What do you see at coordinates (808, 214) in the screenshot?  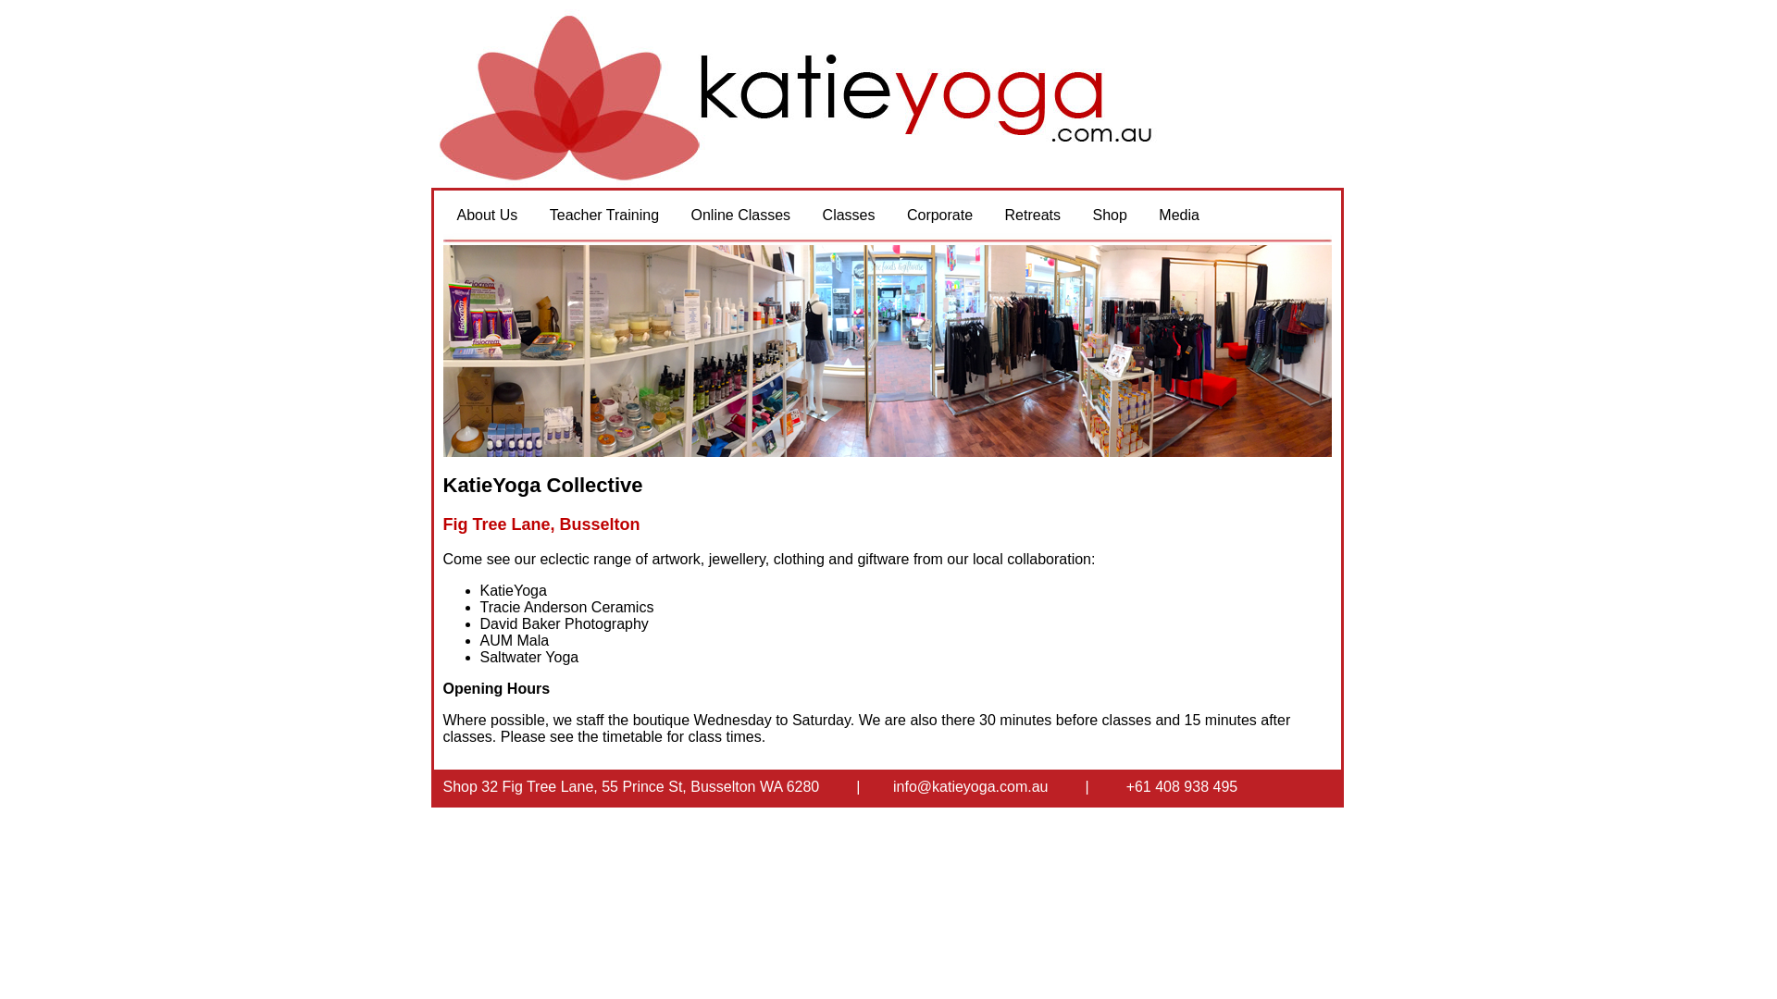 I see `'Classes'` at bounding box center [808, 214].